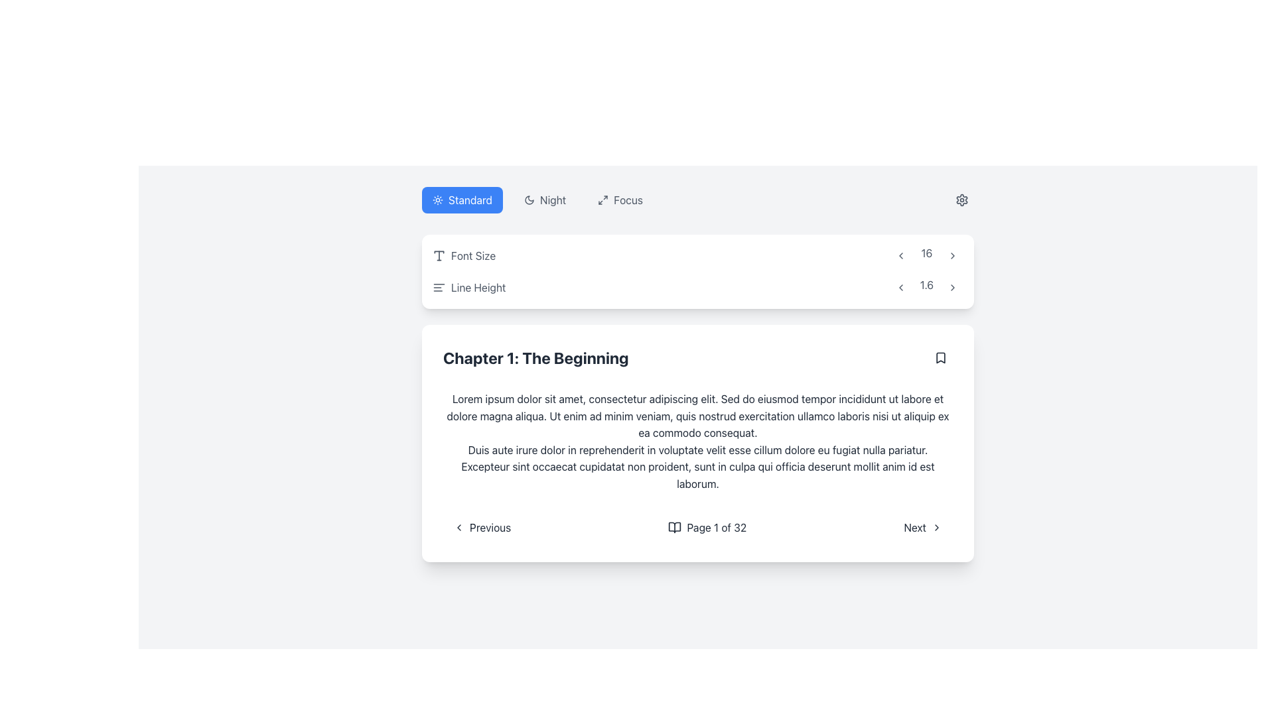 This screenshot has width=1274, height=716. I want to click on the text display indicating the current font size, located between the '<' and '>' icons in the 'Font Size' section, so click(926, 255).